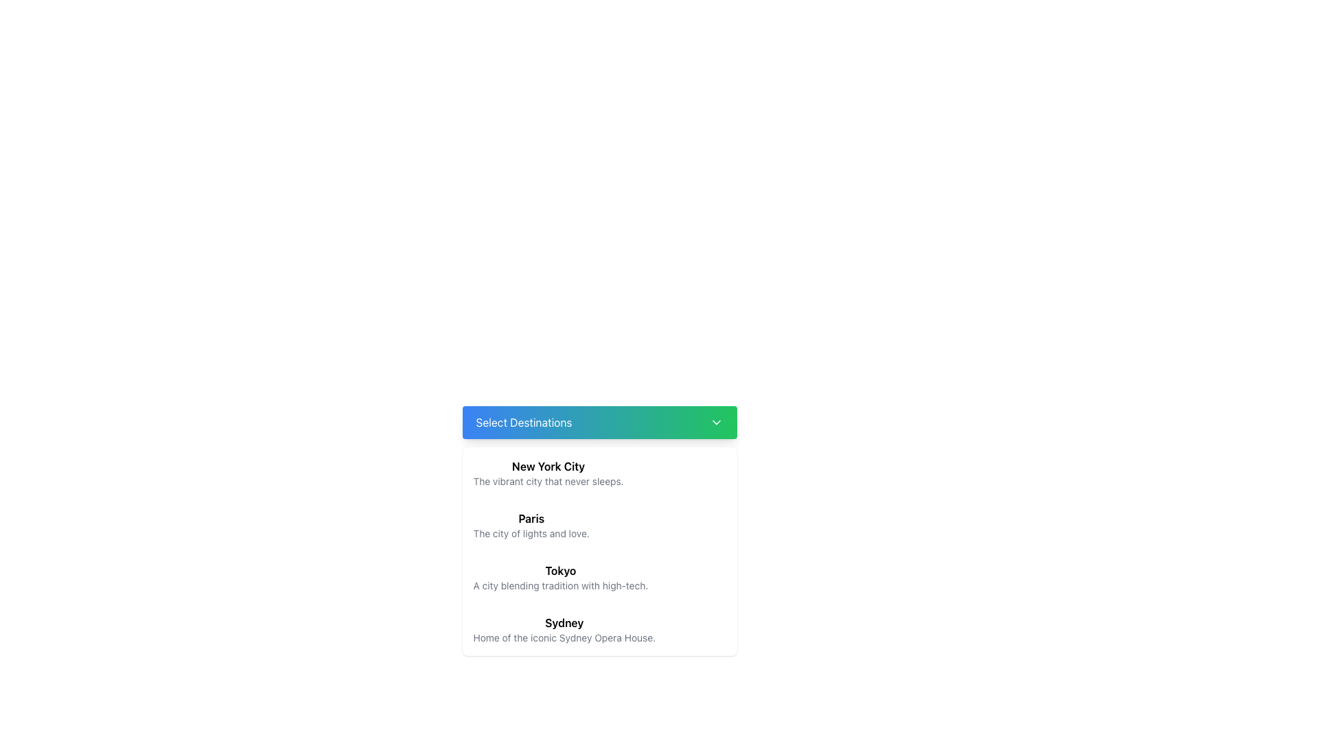 The width and height of the screenshot is (1318, 741). Describe the element at coordinates (599, 577) in the screenshot. I see `the third List Item in the vertically stacked city descriptions for Tokyo` at that location.